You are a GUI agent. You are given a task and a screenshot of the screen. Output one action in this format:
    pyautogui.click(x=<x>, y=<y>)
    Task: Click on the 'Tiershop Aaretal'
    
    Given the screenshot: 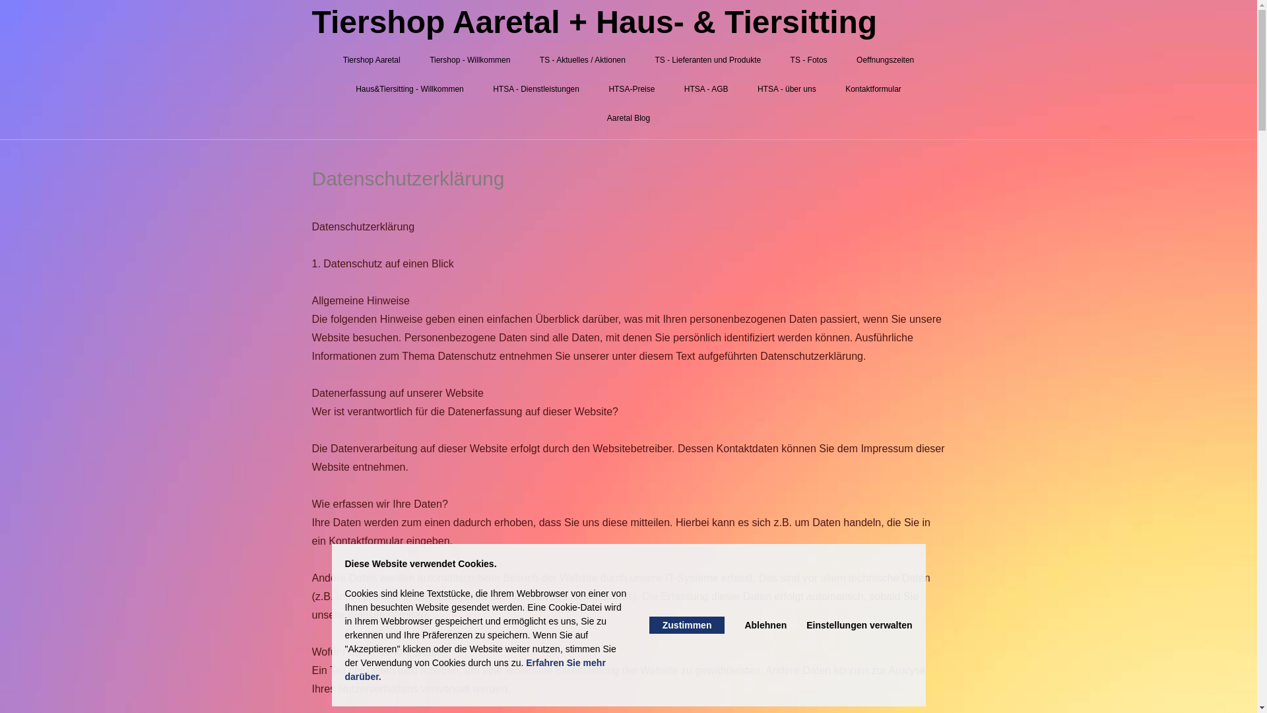 What is the action you would take?
    pyautogui.click(x=371, y=60)
    